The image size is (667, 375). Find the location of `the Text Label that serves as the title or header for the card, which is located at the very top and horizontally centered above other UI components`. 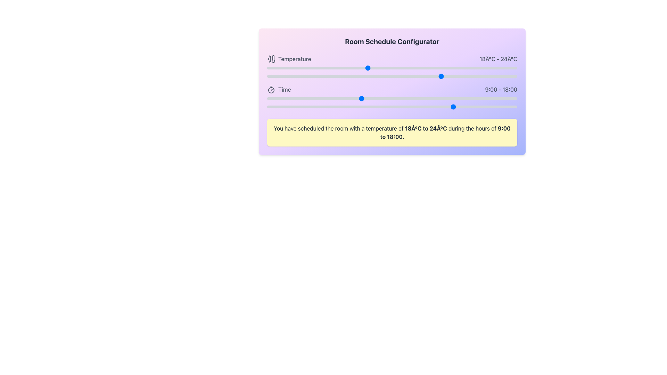

the Text Label that serves as the title or header for the card, which is located at the very top and horizontally centered above other UI components is located at coordinates (392, 41).